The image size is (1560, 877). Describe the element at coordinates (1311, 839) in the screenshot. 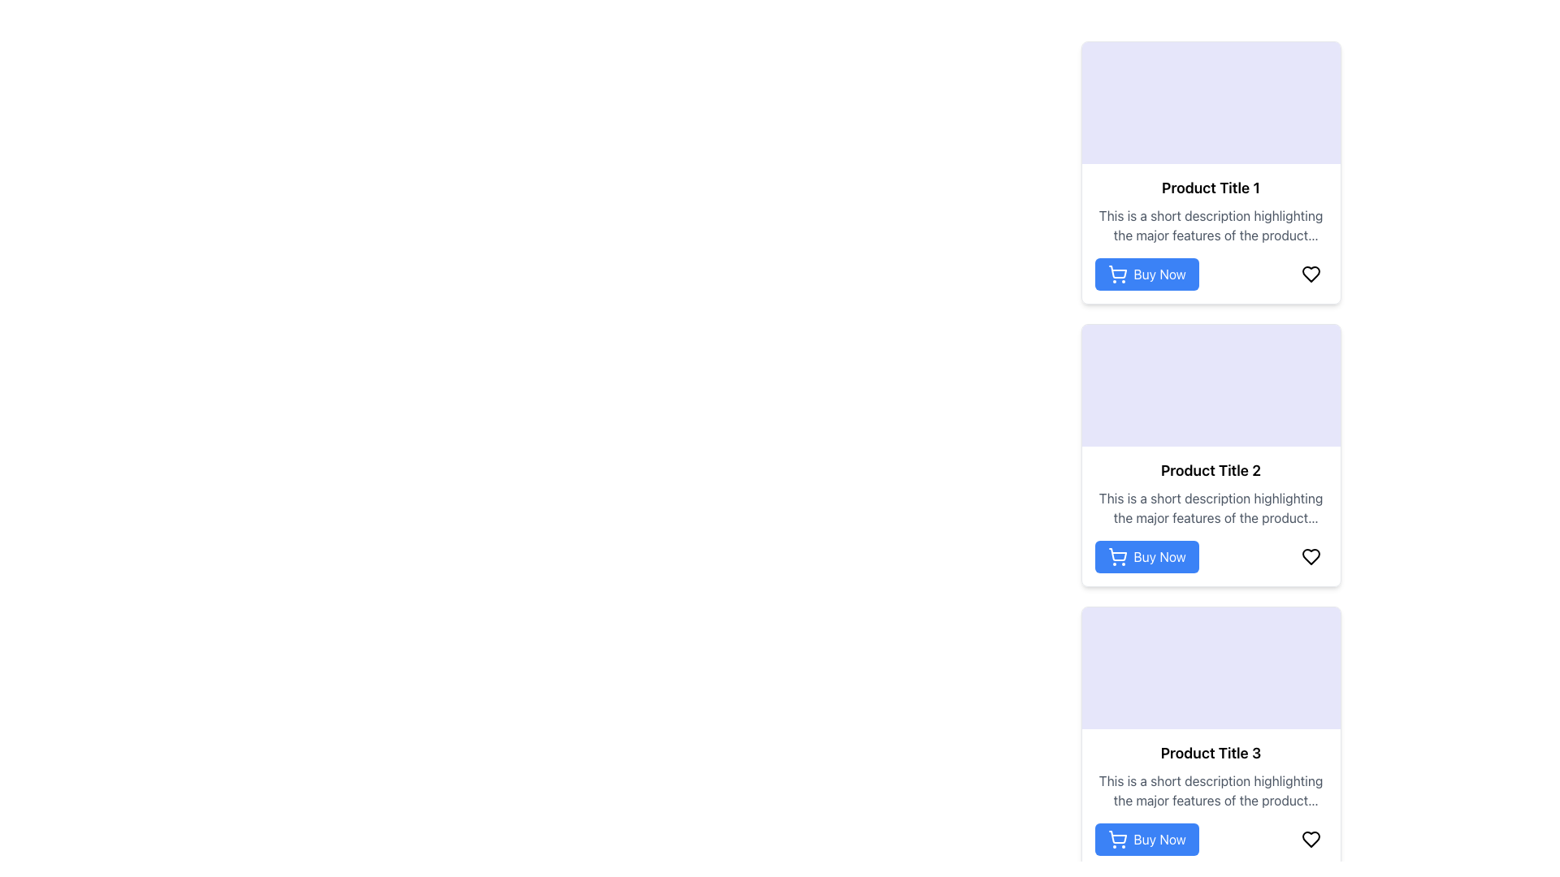

I see `the heart icon in the 'Buy Now' section of the third product card to like or favorite the item` at that location.